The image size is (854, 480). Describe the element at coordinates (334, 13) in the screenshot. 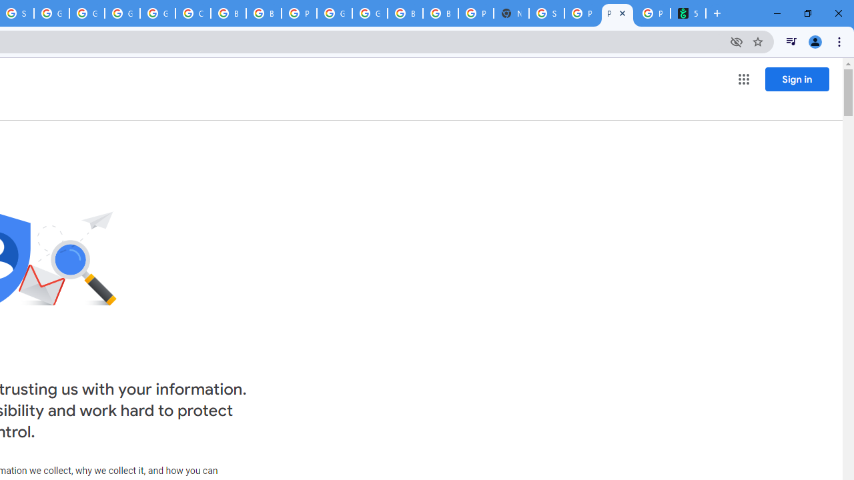

I see `'Google Cloud Platform'` at that location.